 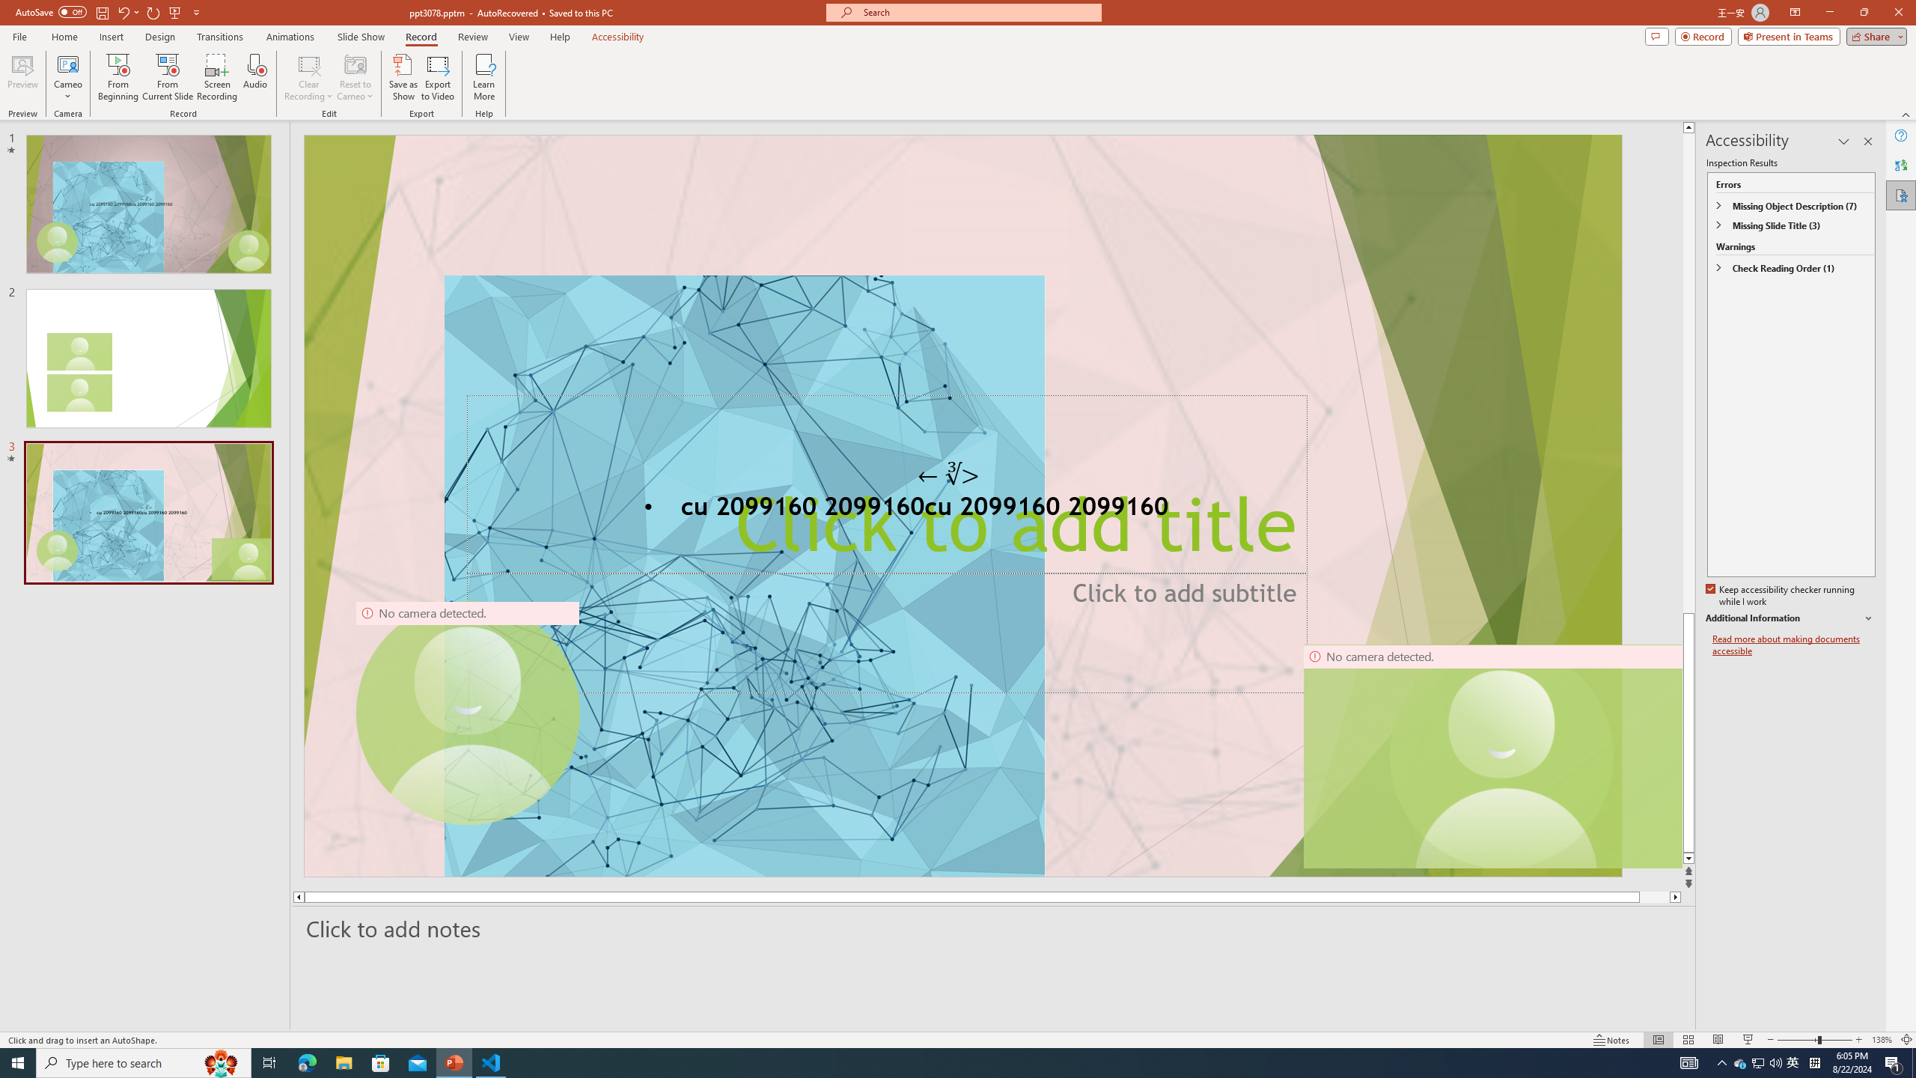 What do you see at coordinates (308, 77) in the screenshot?
I see `'Clear Recording'` at bounding box center [308, 77].